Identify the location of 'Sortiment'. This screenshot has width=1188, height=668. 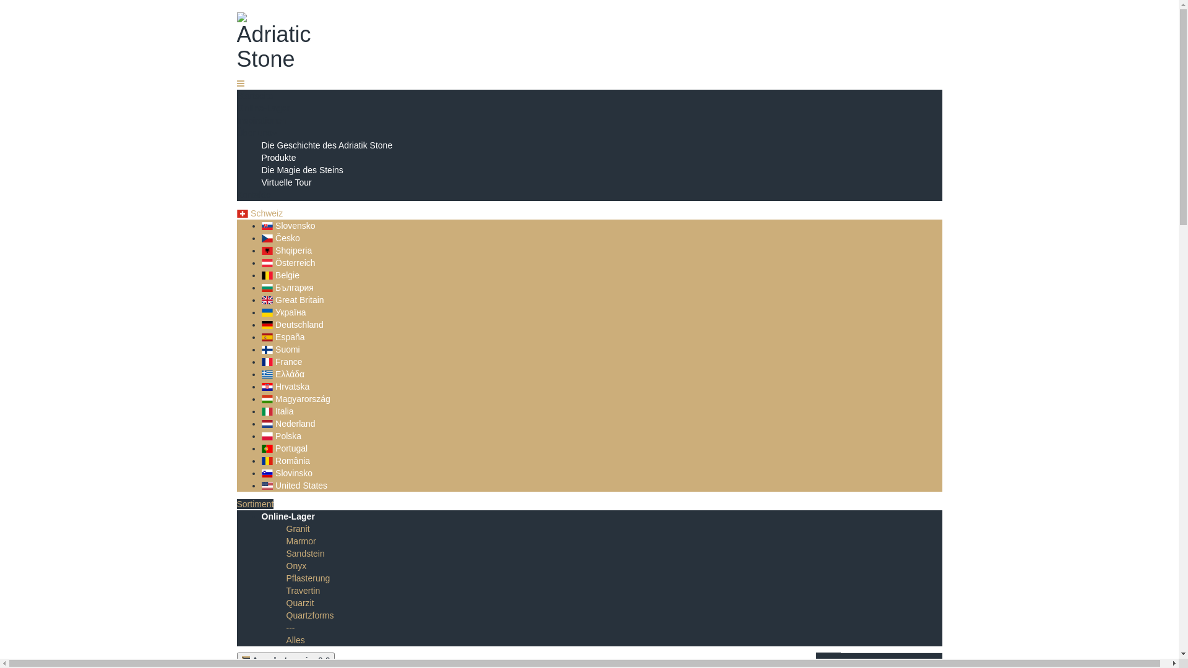
(254, 503).